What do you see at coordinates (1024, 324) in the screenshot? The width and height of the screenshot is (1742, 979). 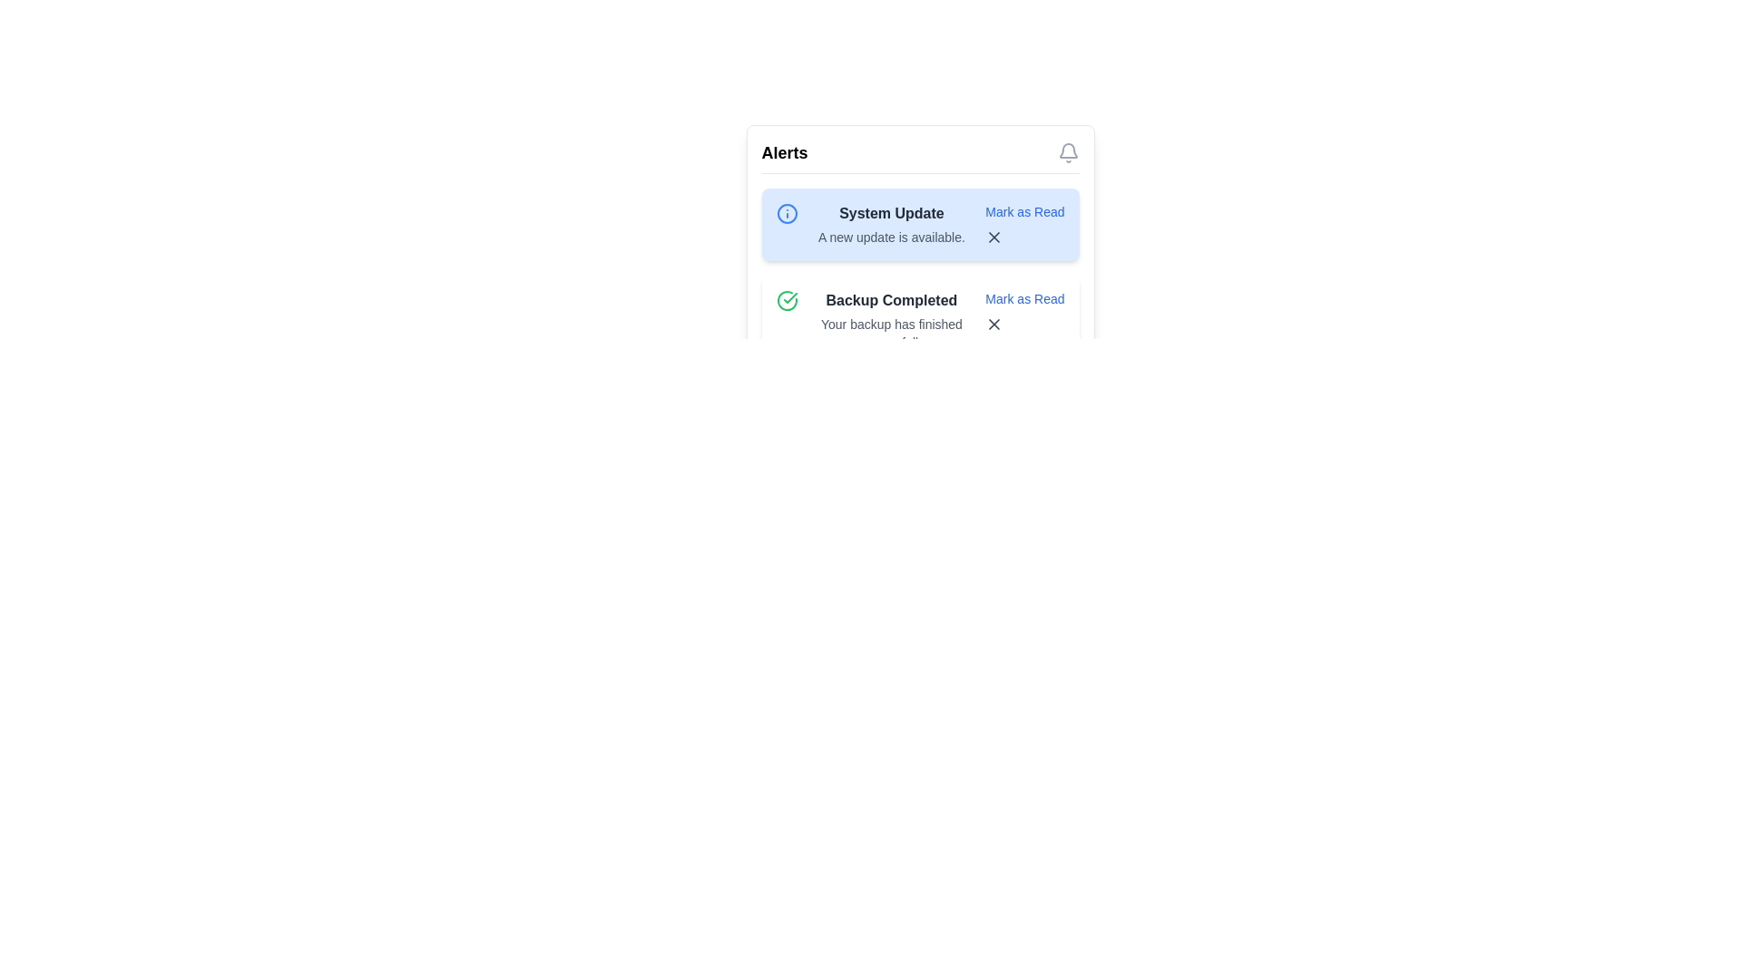 I see `the dismiss button for the 'Backup Completed' notification to trigger a tooltip or highlight effect` at bounding box center [1024, 324].